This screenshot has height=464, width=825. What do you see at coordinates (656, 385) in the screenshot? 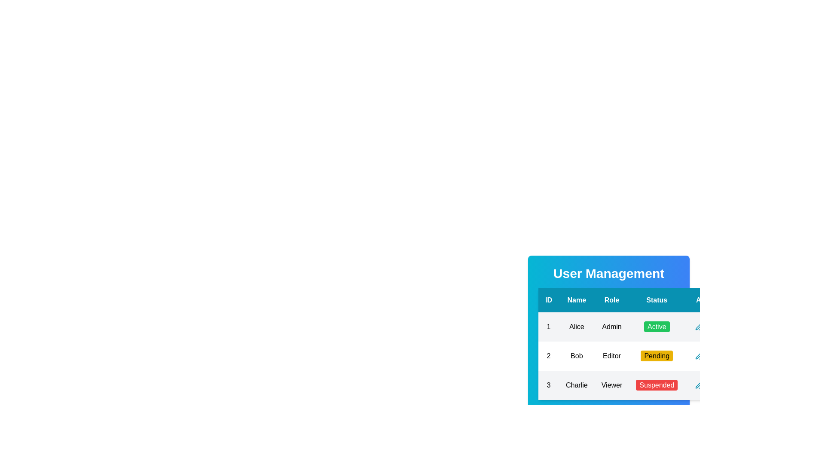
I see `status label of the button-like status indicator for the user 'Charlie', which indicates that the account is 'Suspended'` at bounding box center [656, 385].